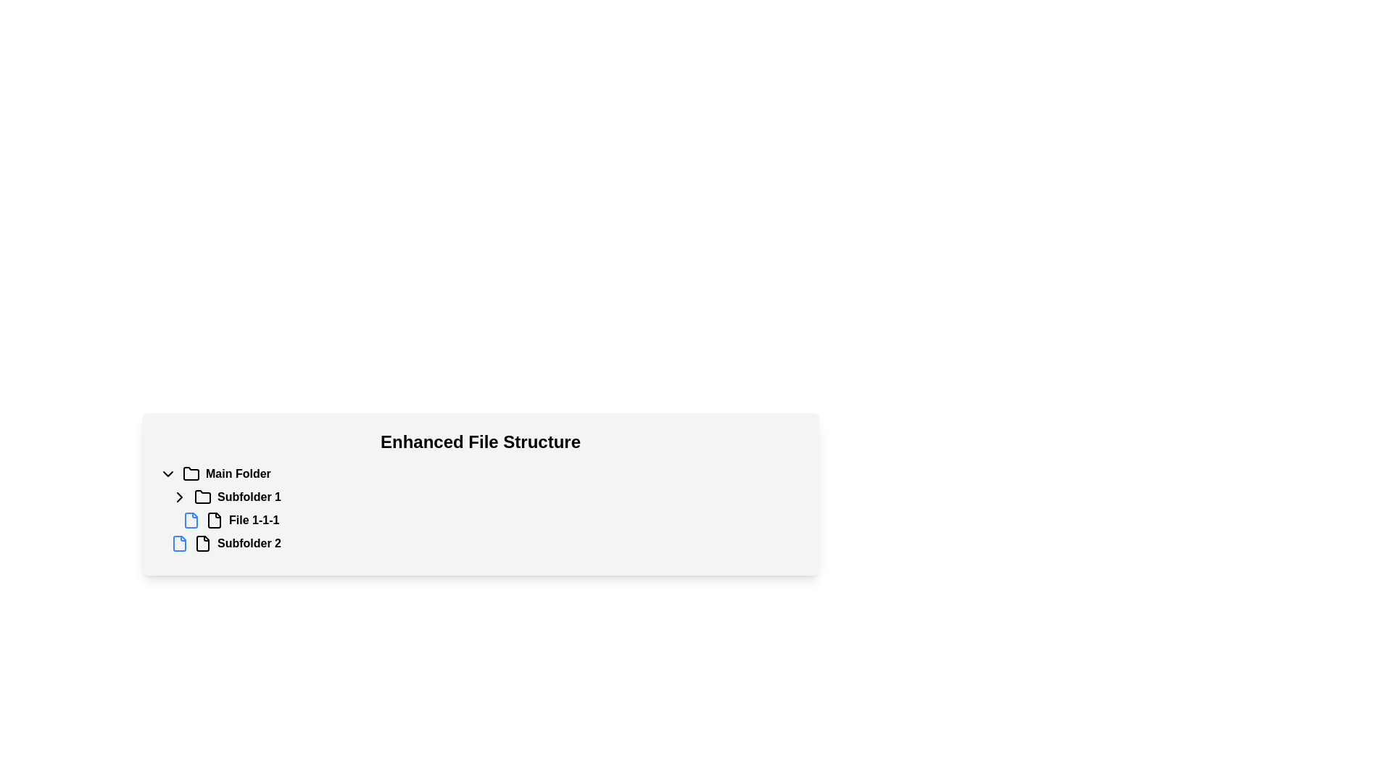 This screenshot has width=1392, height=783. I want to click on the rightward-pointing chevron icon, so click(179, 497).